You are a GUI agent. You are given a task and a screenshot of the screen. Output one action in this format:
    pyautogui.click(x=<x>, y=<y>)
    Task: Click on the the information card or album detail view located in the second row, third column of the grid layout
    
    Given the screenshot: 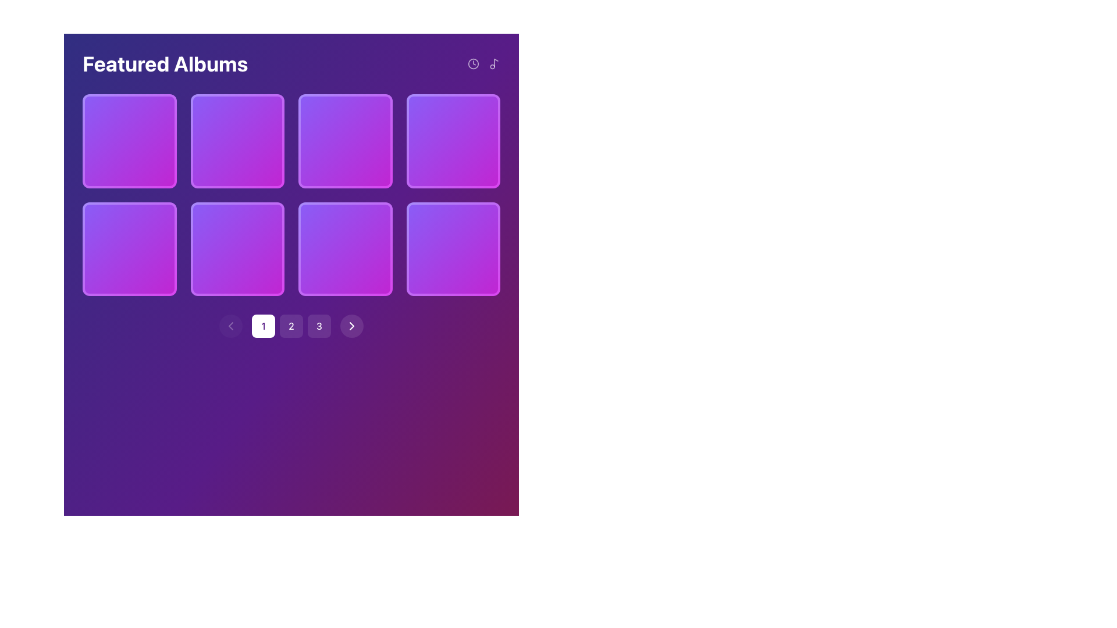 What is the action you would take?
    pyautogui.click(x=344, y=263)
    